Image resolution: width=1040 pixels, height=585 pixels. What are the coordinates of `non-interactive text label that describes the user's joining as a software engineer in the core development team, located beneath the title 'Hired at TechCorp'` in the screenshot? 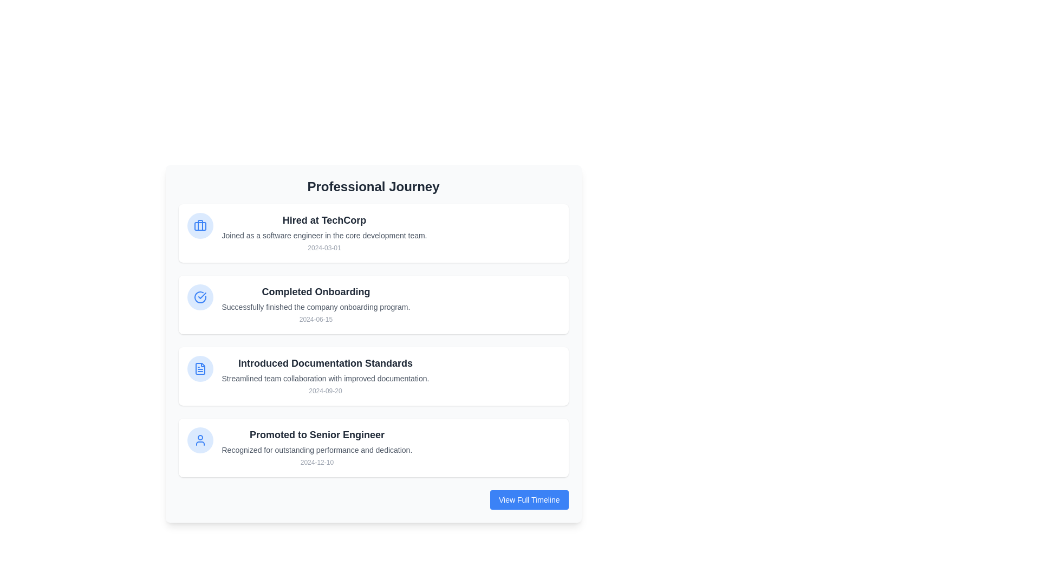 It's located at (324, 235).